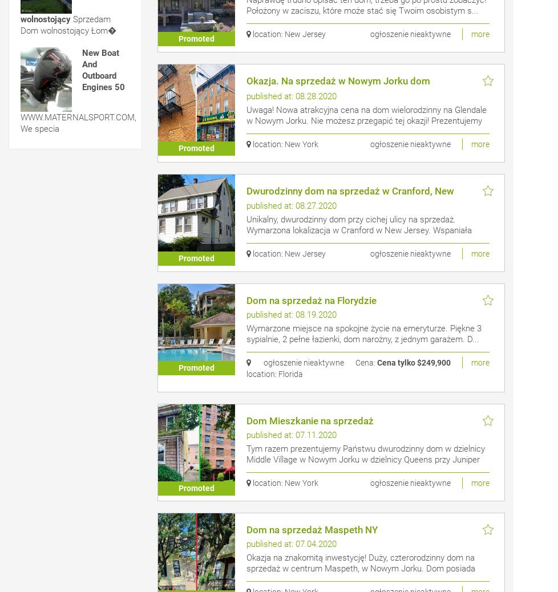 This screenshot has height=592, width=558. I want to click on 'Wymarzone miejsce na spokojne życie na emeryturze. Piękne 3 sypialnie, 2 pełne łazienki, dom narożny, z jednym garażem.

D...', so click(363, 333).